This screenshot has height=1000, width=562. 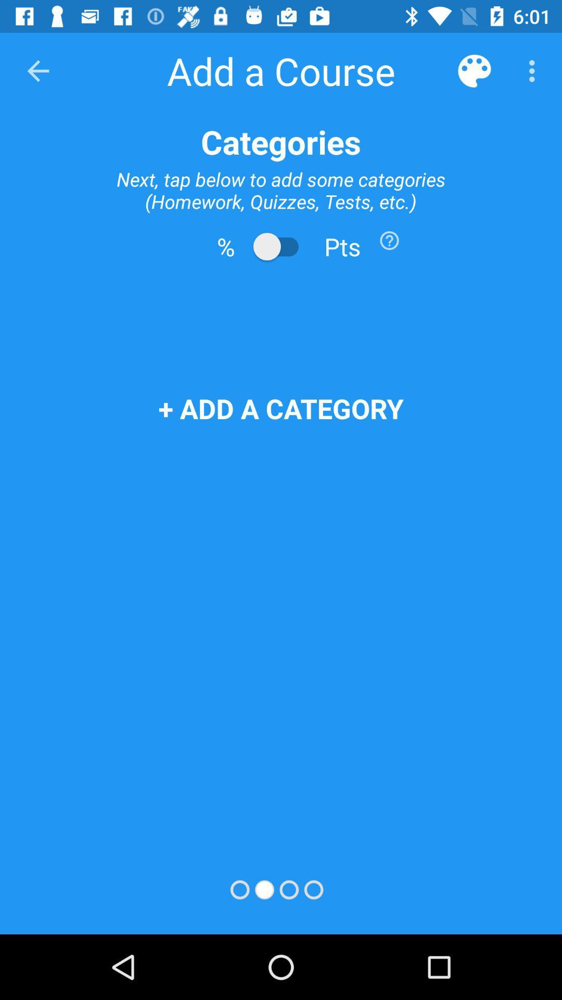 I want to click on icon below the next tap below icon, so click(x=389, y=240).